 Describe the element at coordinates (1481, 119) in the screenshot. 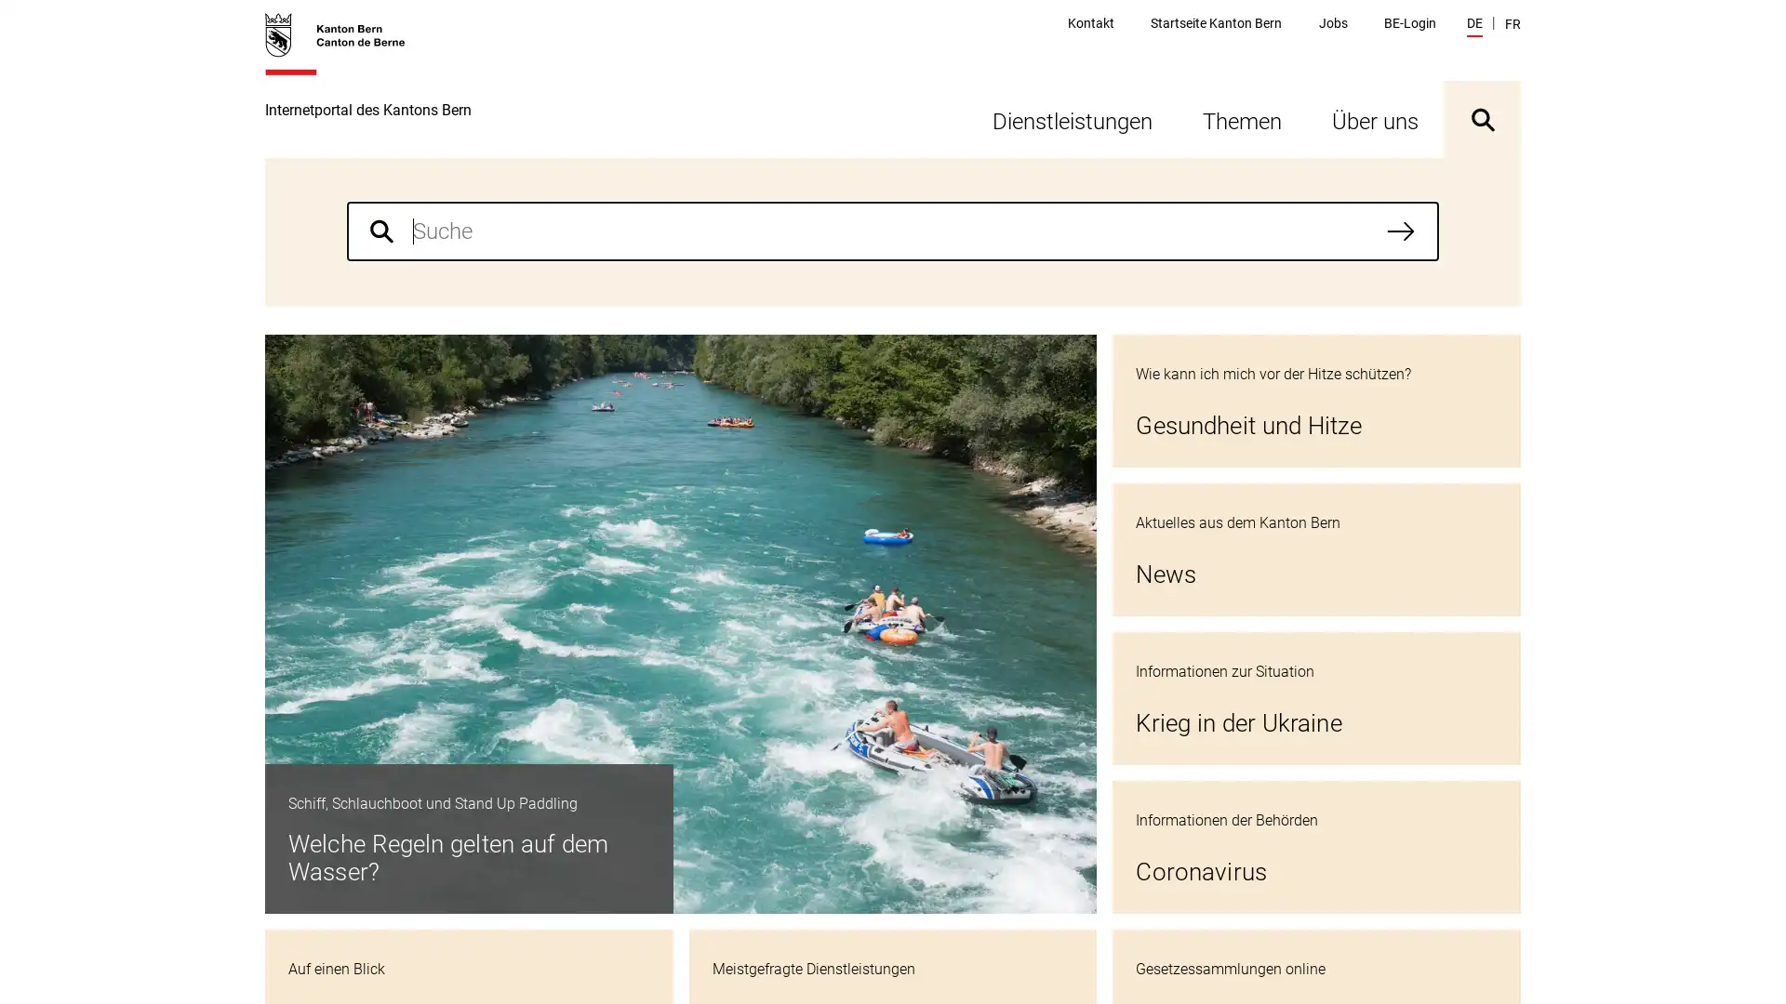

I see `Suche ein- oder ausblenden` at that location.